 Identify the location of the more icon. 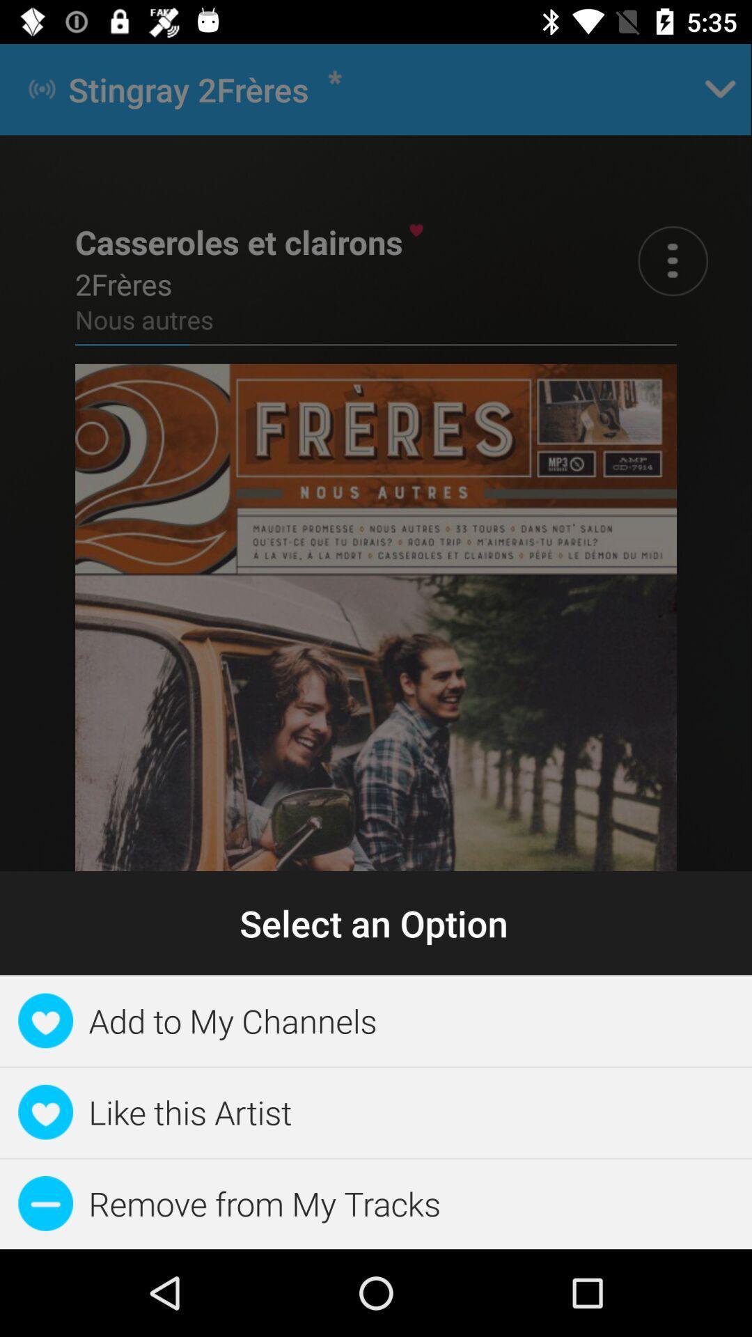
(672, 260).